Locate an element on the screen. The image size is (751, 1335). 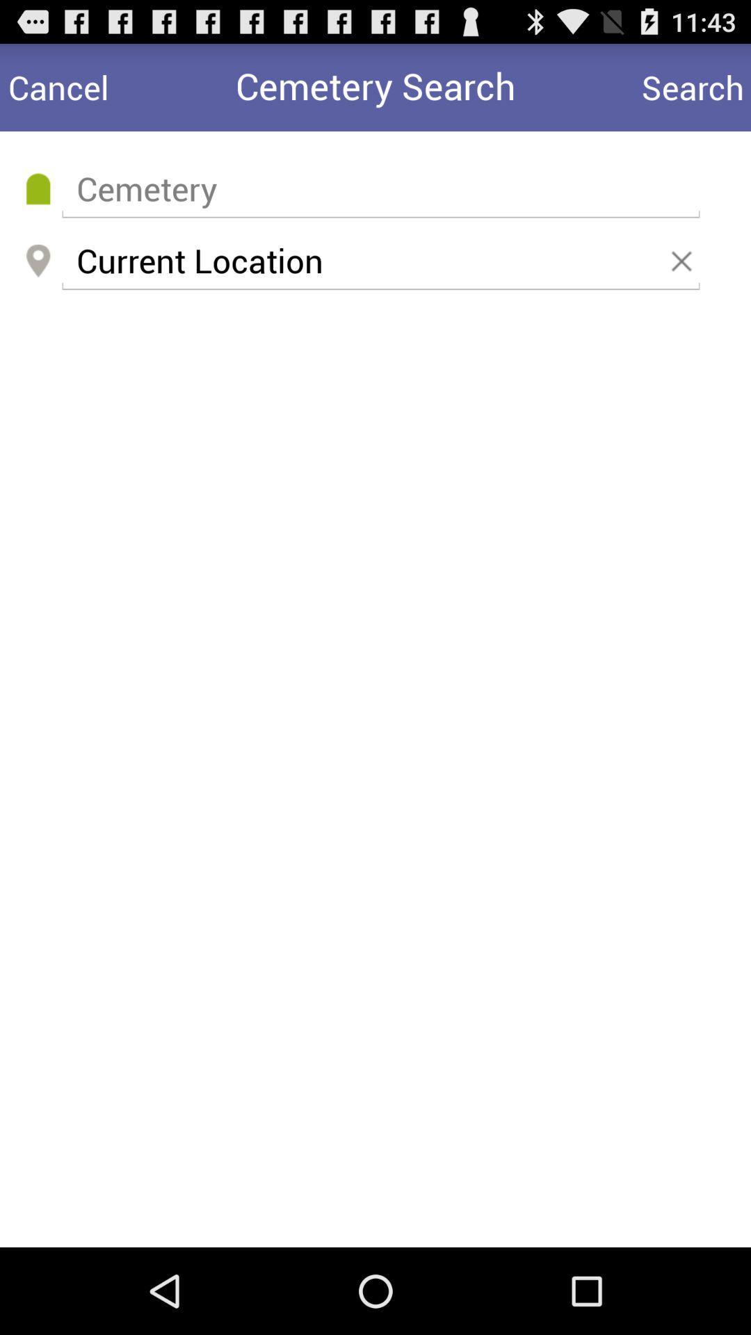
app to the left of cemetery search item is located at coordinates (58, 86).